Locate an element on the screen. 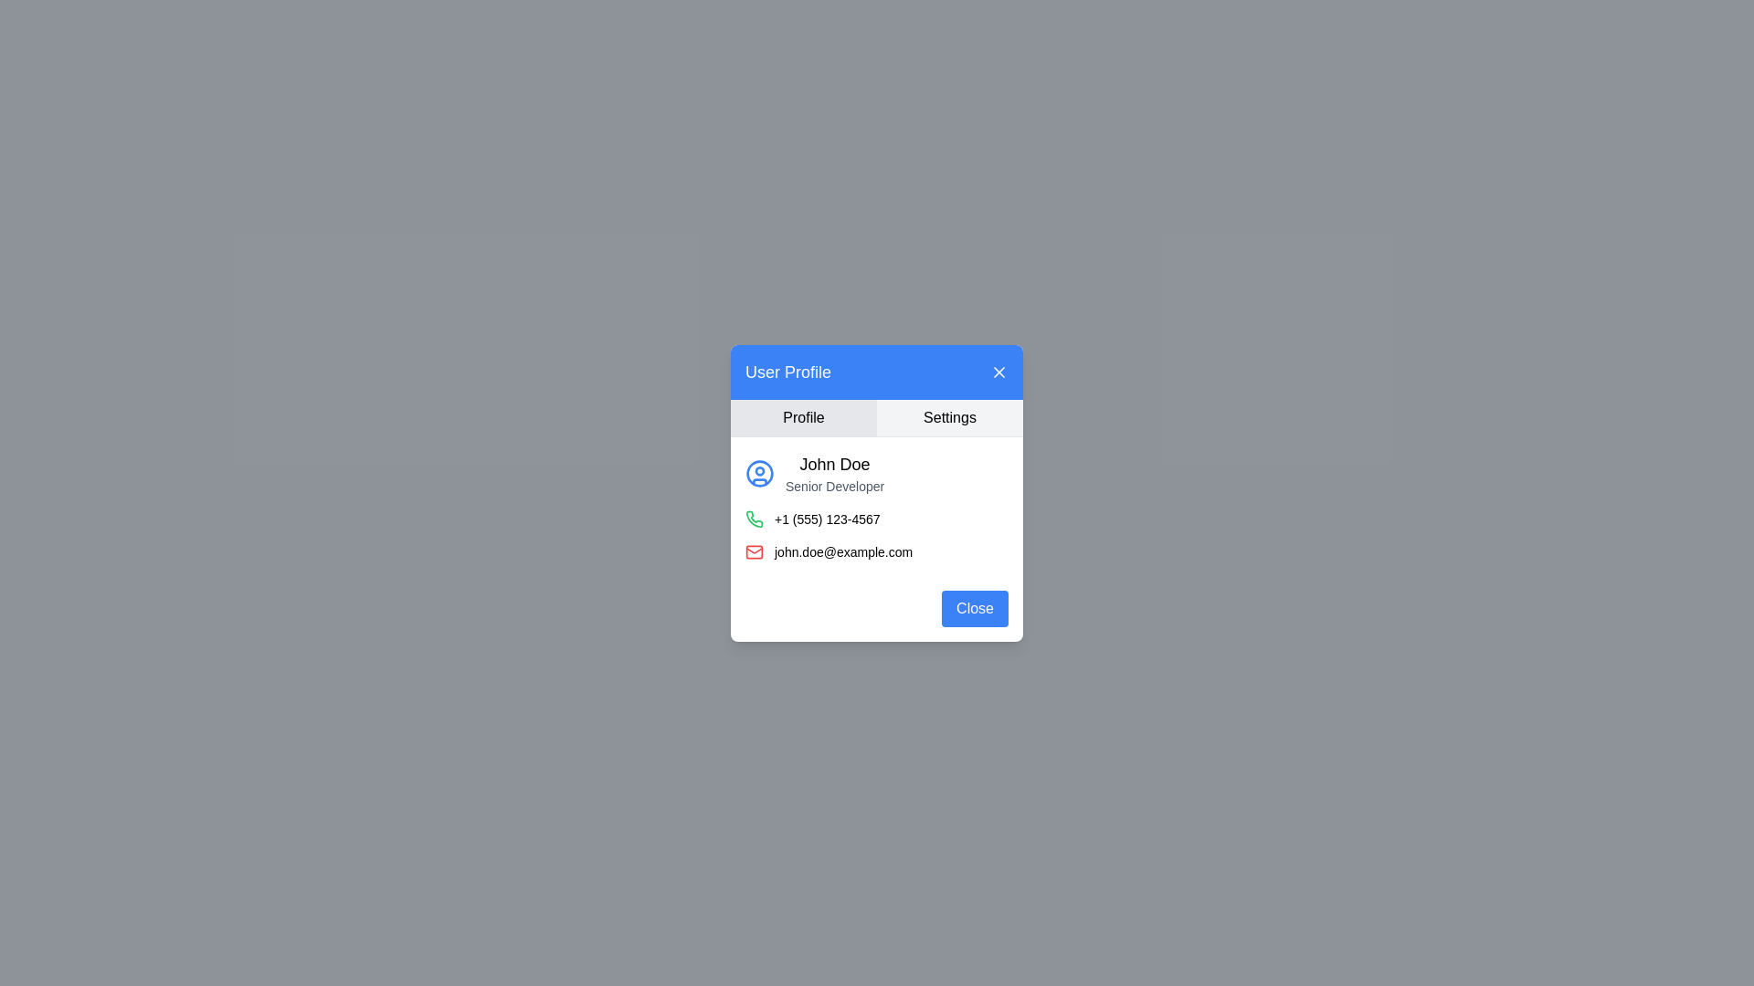 This screenshot has width=1754, height=986. the Contact Information Display element that shows the user's email address, positioned below the phone number entry and above the 'Close' button is located at coordinates (877, 551).